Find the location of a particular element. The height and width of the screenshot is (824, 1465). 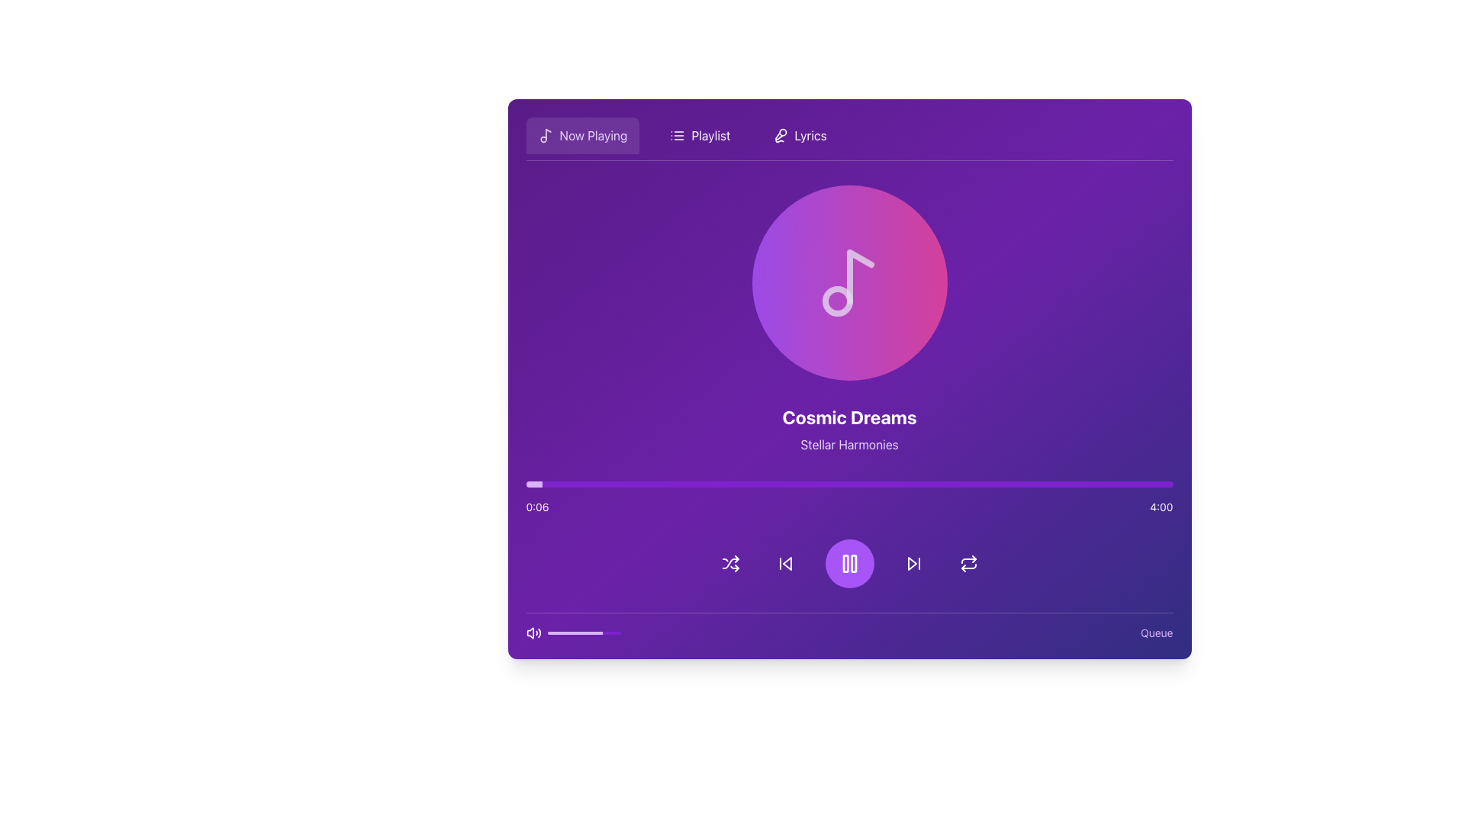

the 'Queue' text link located at the bottom-right corner of the interface is located at coordinates (1157, 632).